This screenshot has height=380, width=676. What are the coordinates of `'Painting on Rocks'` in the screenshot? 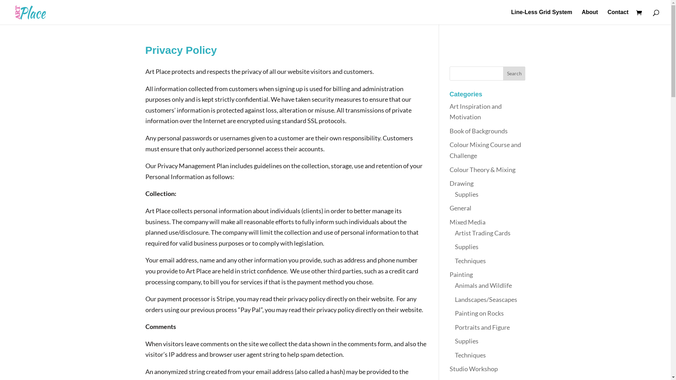 It's located at (479, 313).